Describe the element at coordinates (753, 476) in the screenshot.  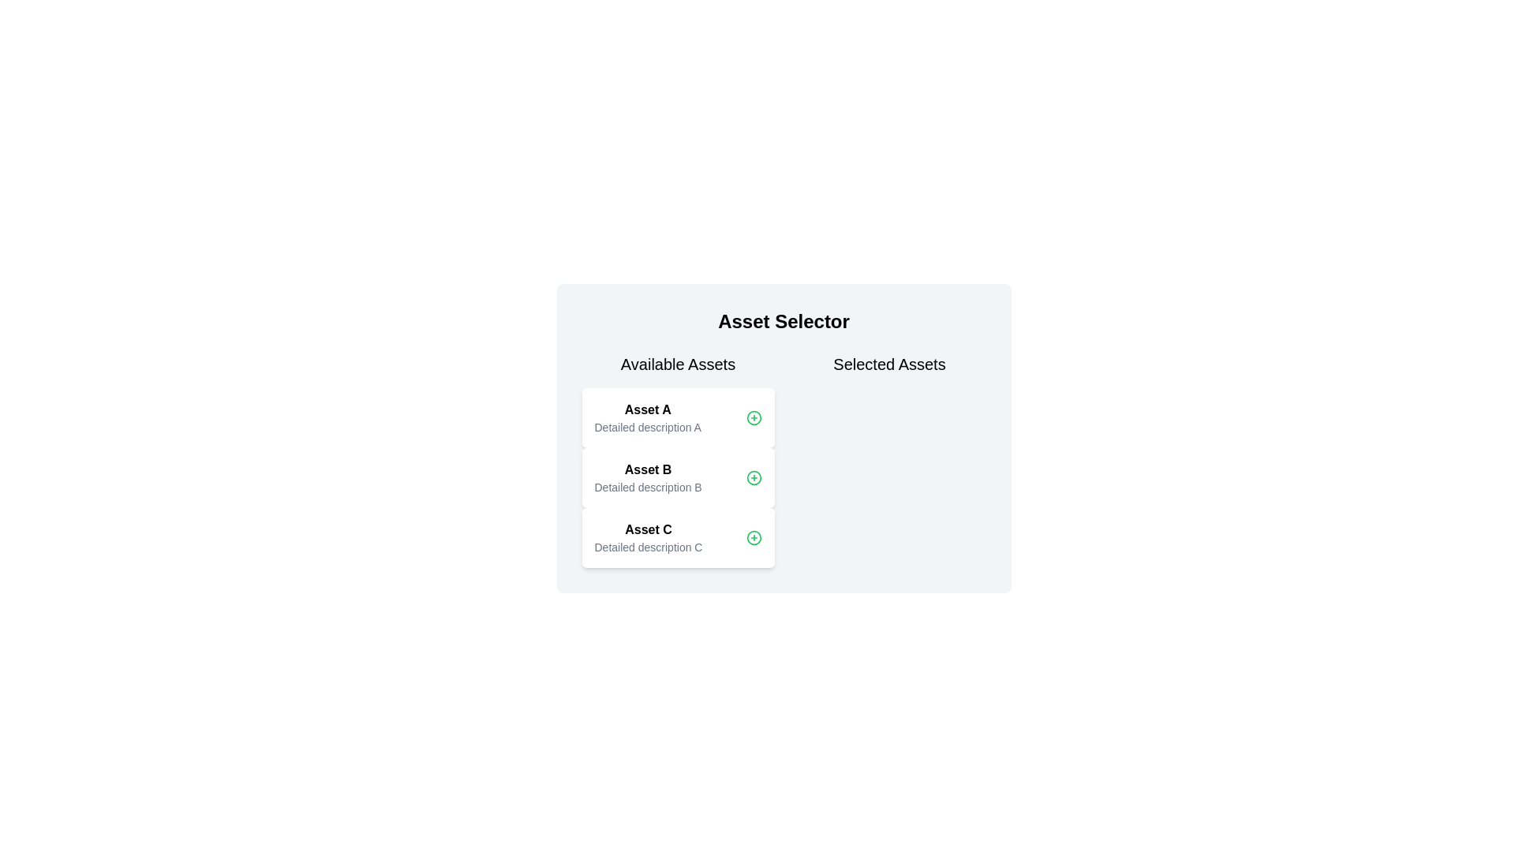
I see `the SVG Circle within the 'circle-plus' icon located at the end of the 'Asset B' list item in the 'Available Assets' column of the 'Asset Selector' interface` at that location.